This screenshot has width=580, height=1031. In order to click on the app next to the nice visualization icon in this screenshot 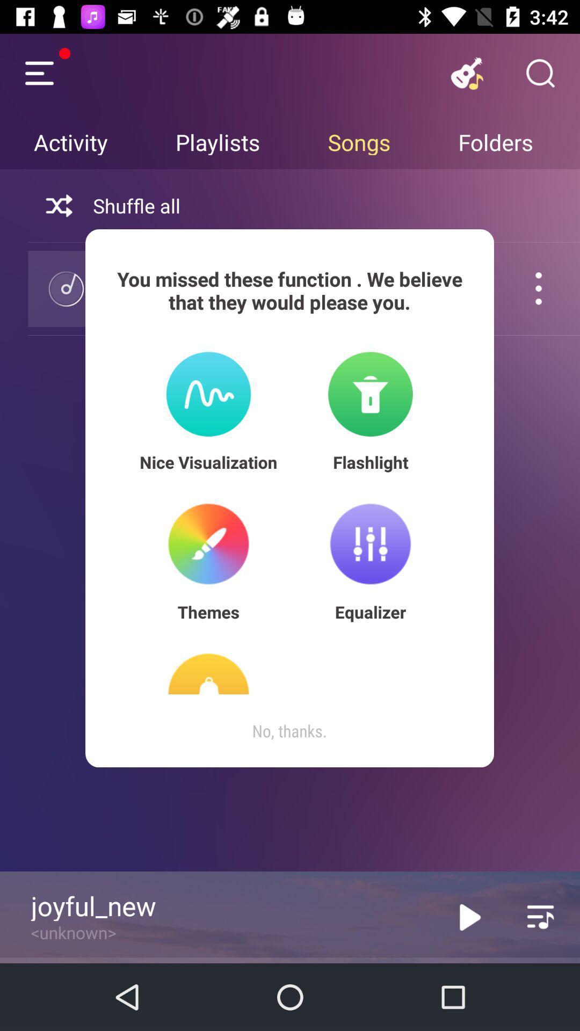, I will do `click(370, 462)`.